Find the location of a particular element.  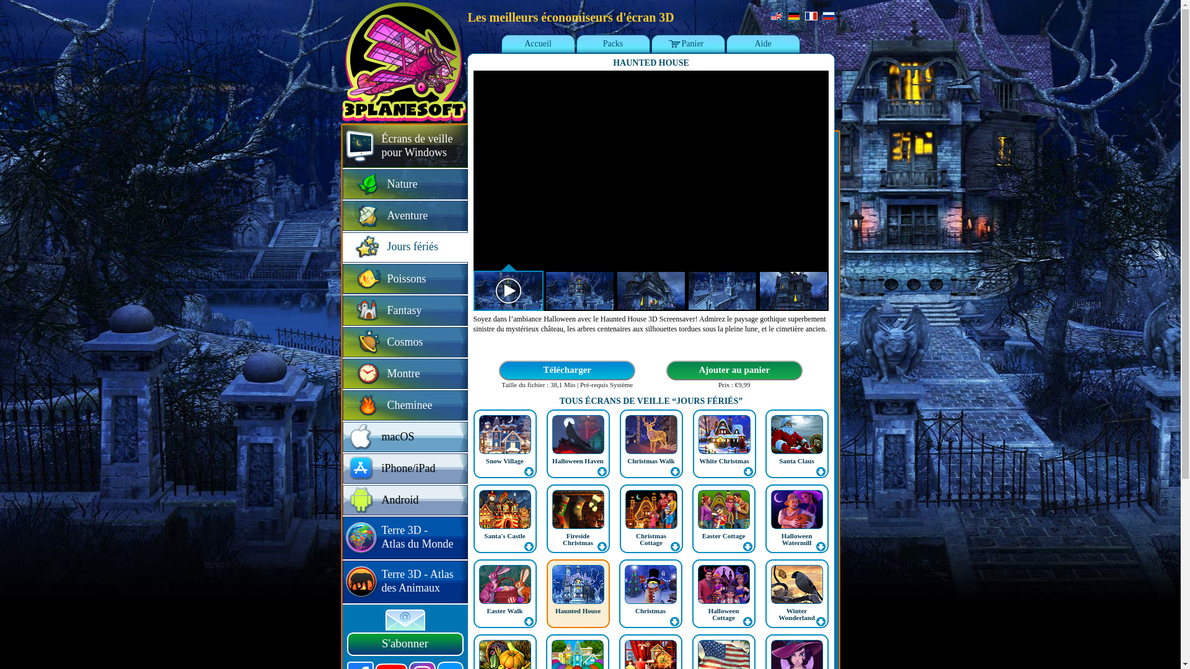

'English' is located at coordinates (775, 16).